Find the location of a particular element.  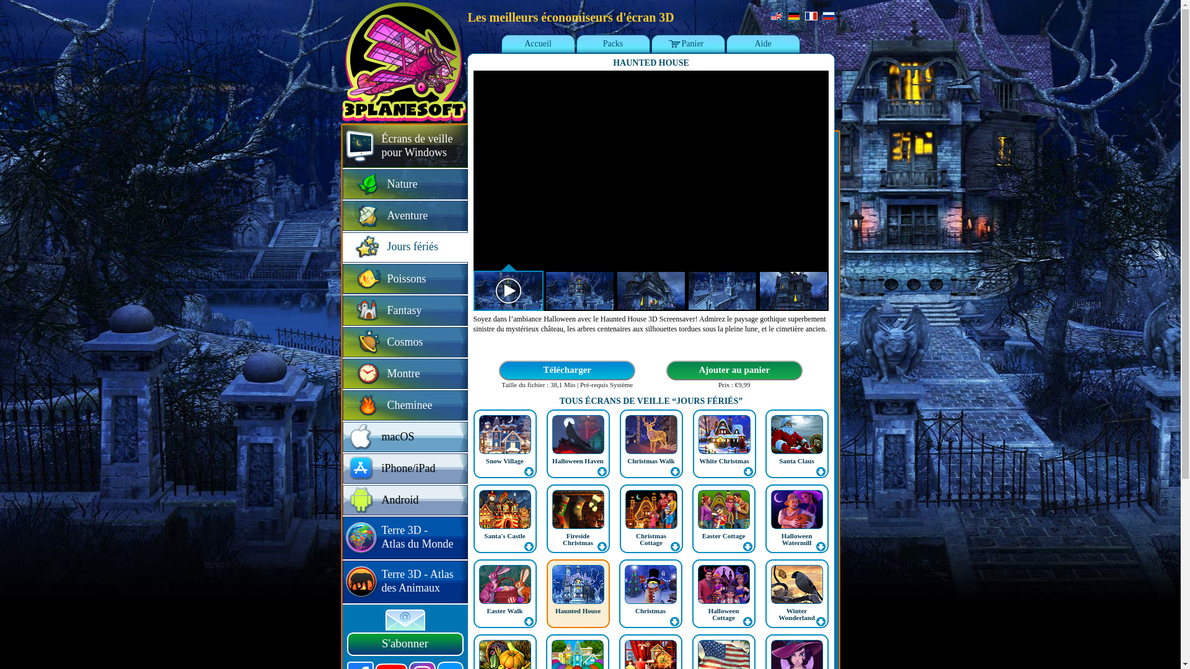

'English' is located at coordinates (775, 16).